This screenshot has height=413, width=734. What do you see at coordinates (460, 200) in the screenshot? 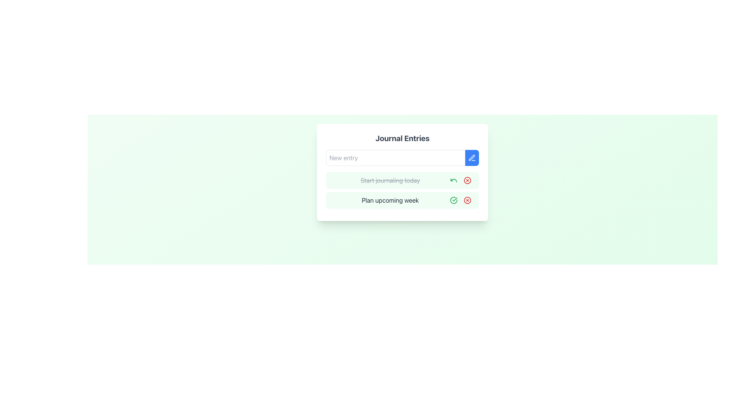
I see `the red cross icon in the action group located to the right of the text 'Plan upcoming week' to reject` at bounding box center [460, 200].